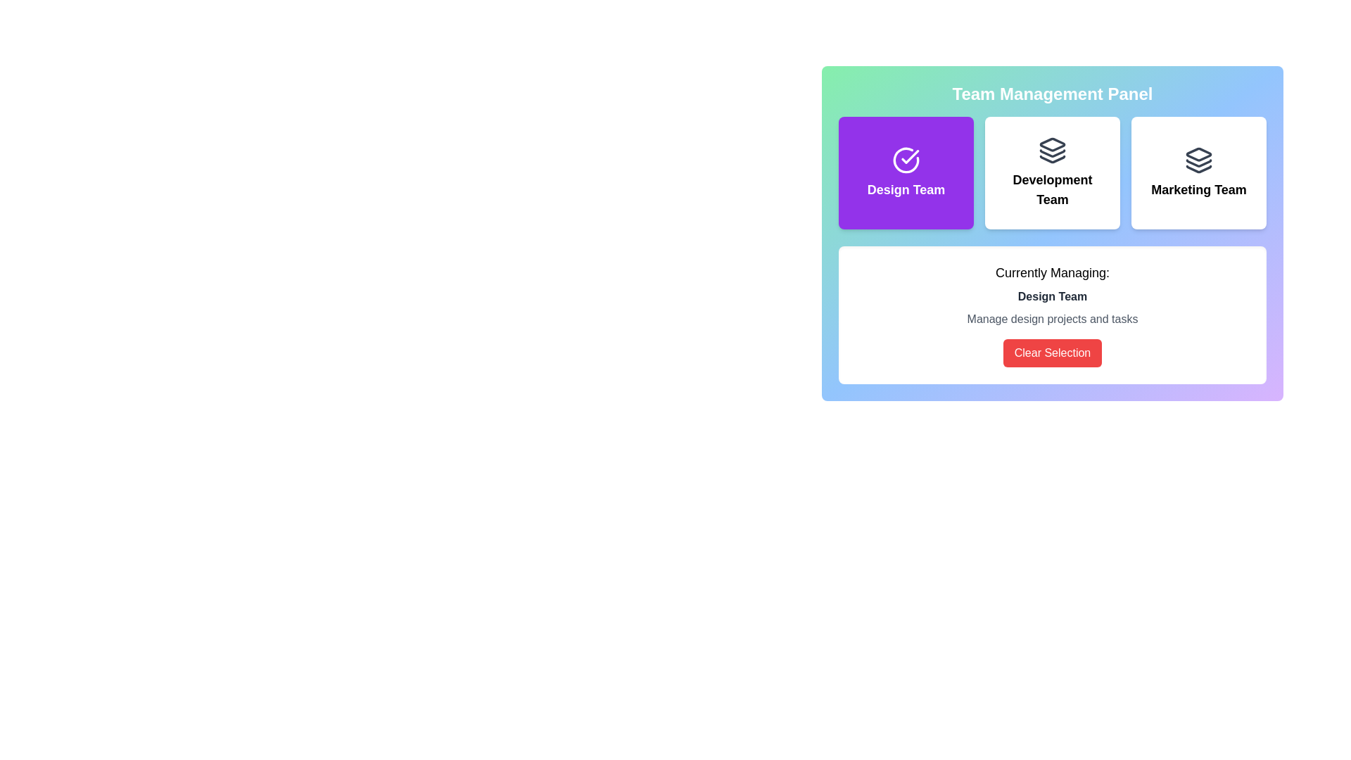 The width and height of the screenshot is (1351, 760). Describe the element at coordinates (1198, 159) in the screenshot. I see `the icon resembling stacked layers in dark gray color above the 'Marketing Team' label` at that location.